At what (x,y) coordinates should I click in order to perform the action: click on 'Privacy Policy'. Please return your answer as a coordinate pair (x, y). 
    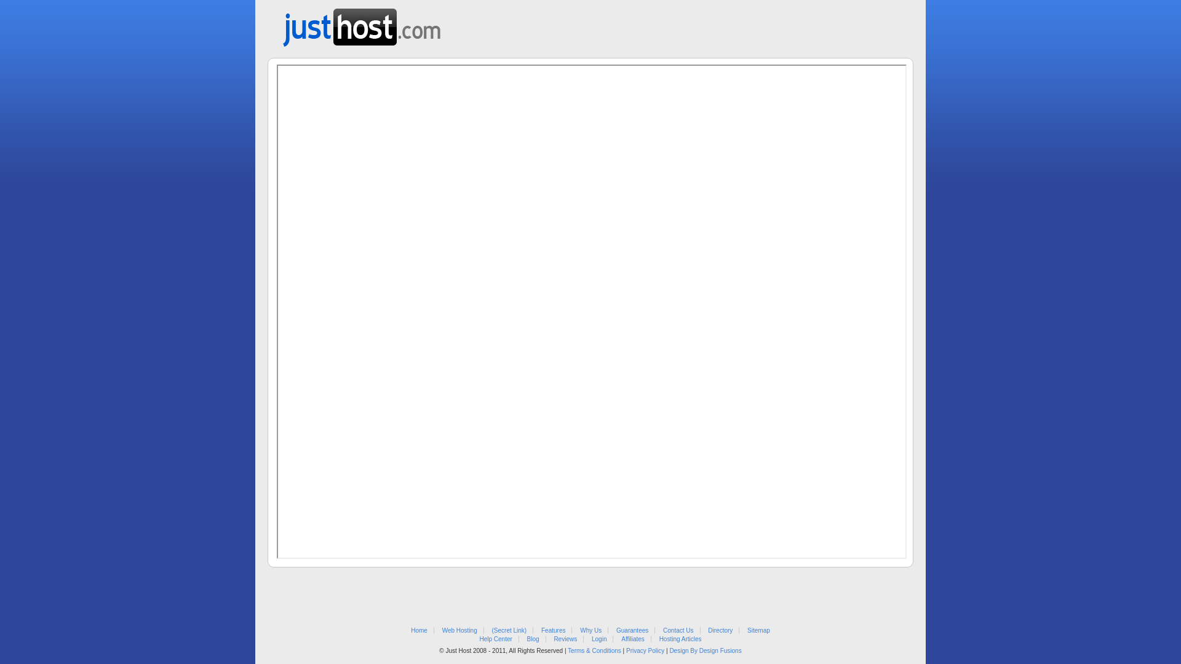
    Looking at the image, I should click on (645, 650).